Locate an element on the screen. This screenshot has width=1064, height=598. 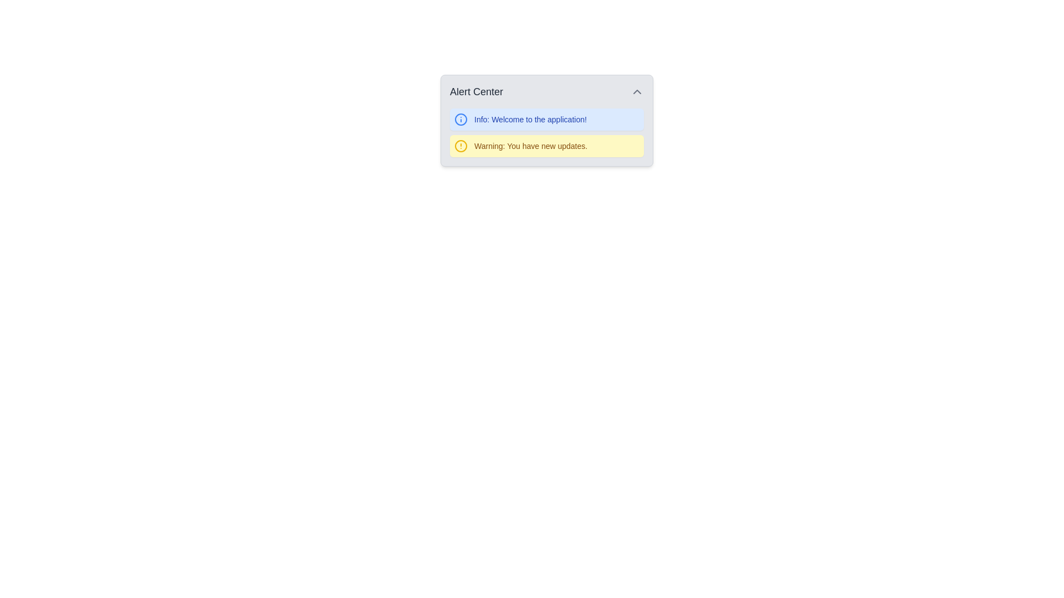
the gray upward chevron icon button located in the upper-right section of the 'Alert Center' to observe its dynamic color change is located at coordinates (637, 91).